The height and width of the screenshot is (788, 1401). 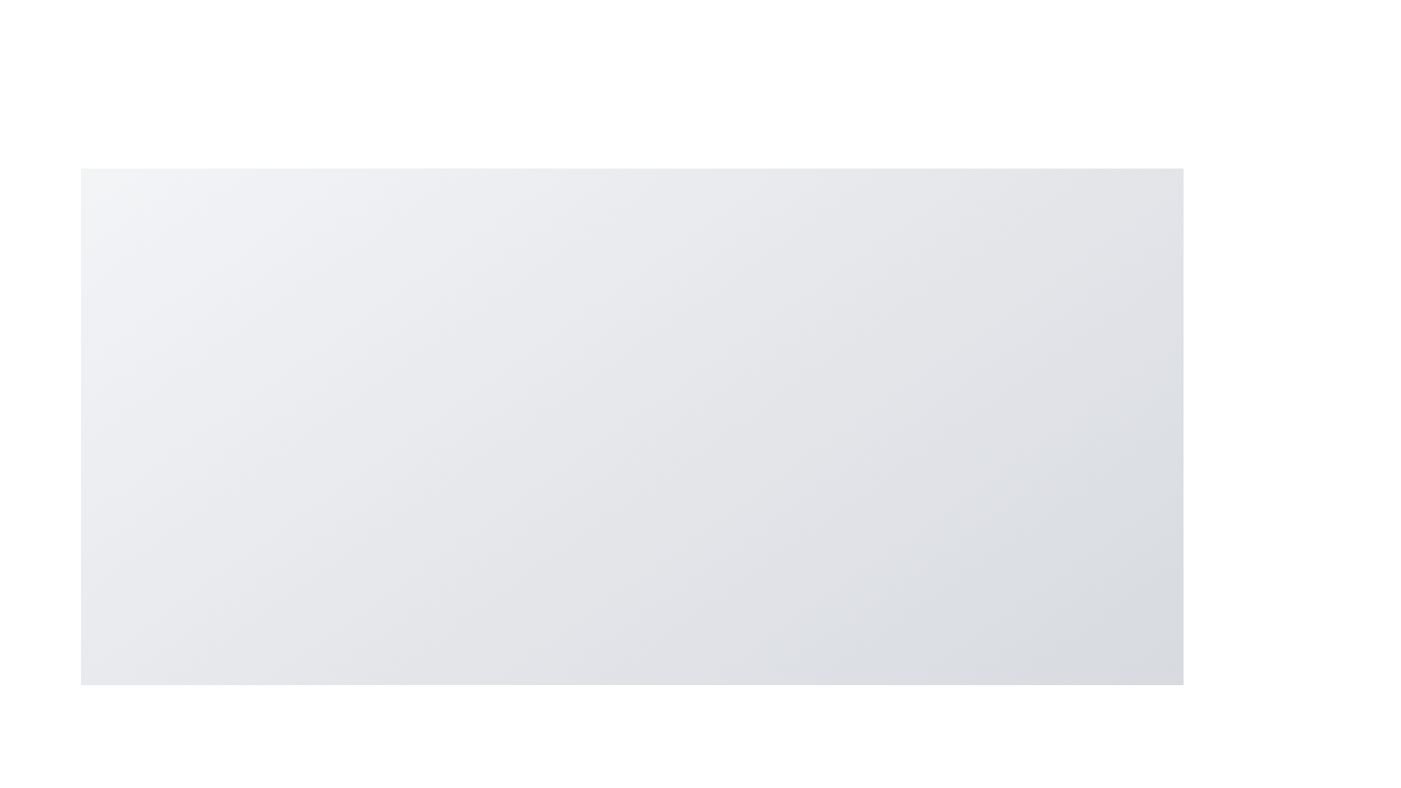 I want to click on the Archive button in the speed dial menu, so click(x=1120, y=784).